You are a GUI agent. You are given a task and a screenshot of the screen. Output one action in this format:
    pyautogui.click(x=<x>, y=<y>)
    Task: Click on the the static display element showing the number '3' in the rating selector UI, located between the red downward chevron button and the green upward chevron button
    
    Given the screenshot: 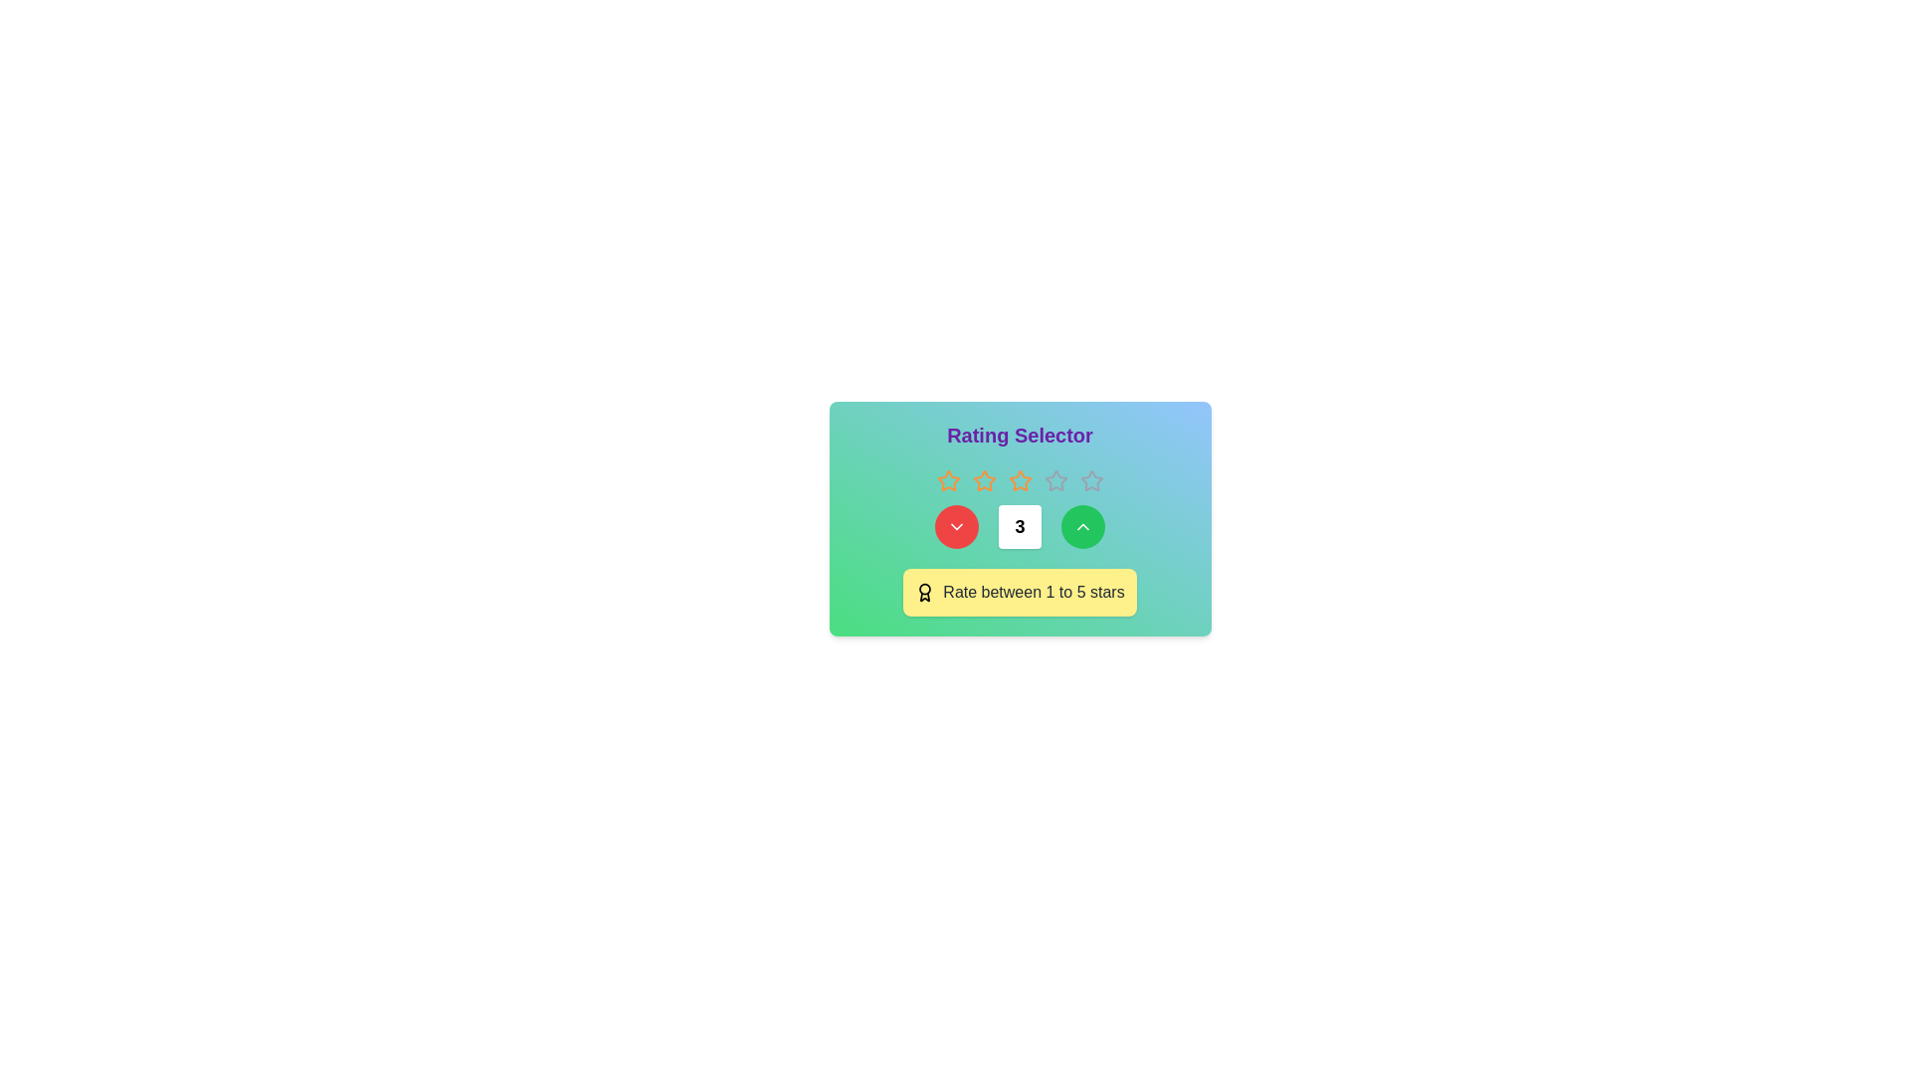 What is the action you would take?
    pyautogui.click(x=1020, y=525)
    